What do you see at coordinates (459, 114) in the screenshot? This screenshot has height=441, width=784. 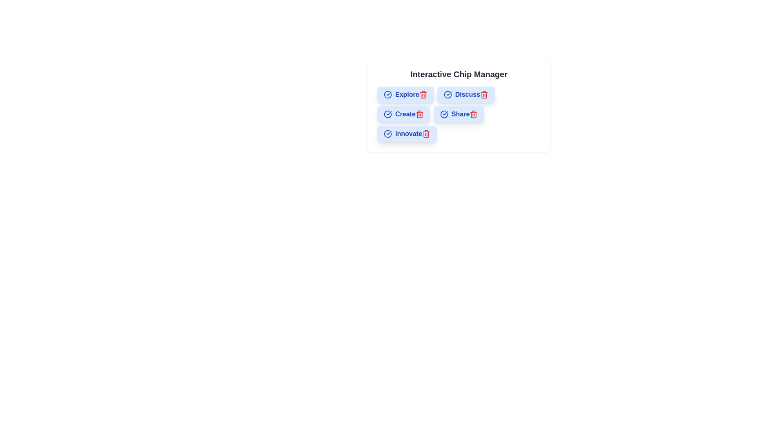 I see `the chip labeled Share` at bounding box center [459, 114].